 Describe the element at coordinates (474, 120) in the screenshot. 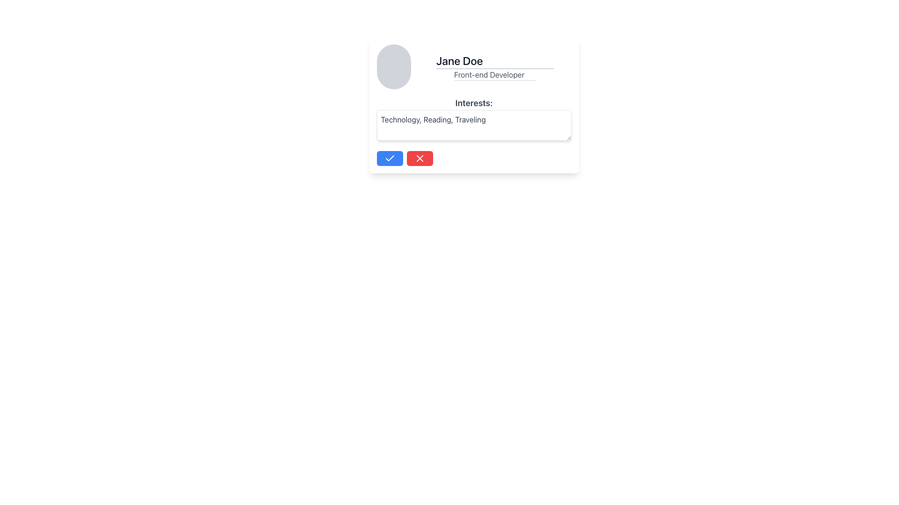

I see `the text input field for modifying user interests, which displays 'Technology, Reading, Traveling', to provide a visual cue` at that location.